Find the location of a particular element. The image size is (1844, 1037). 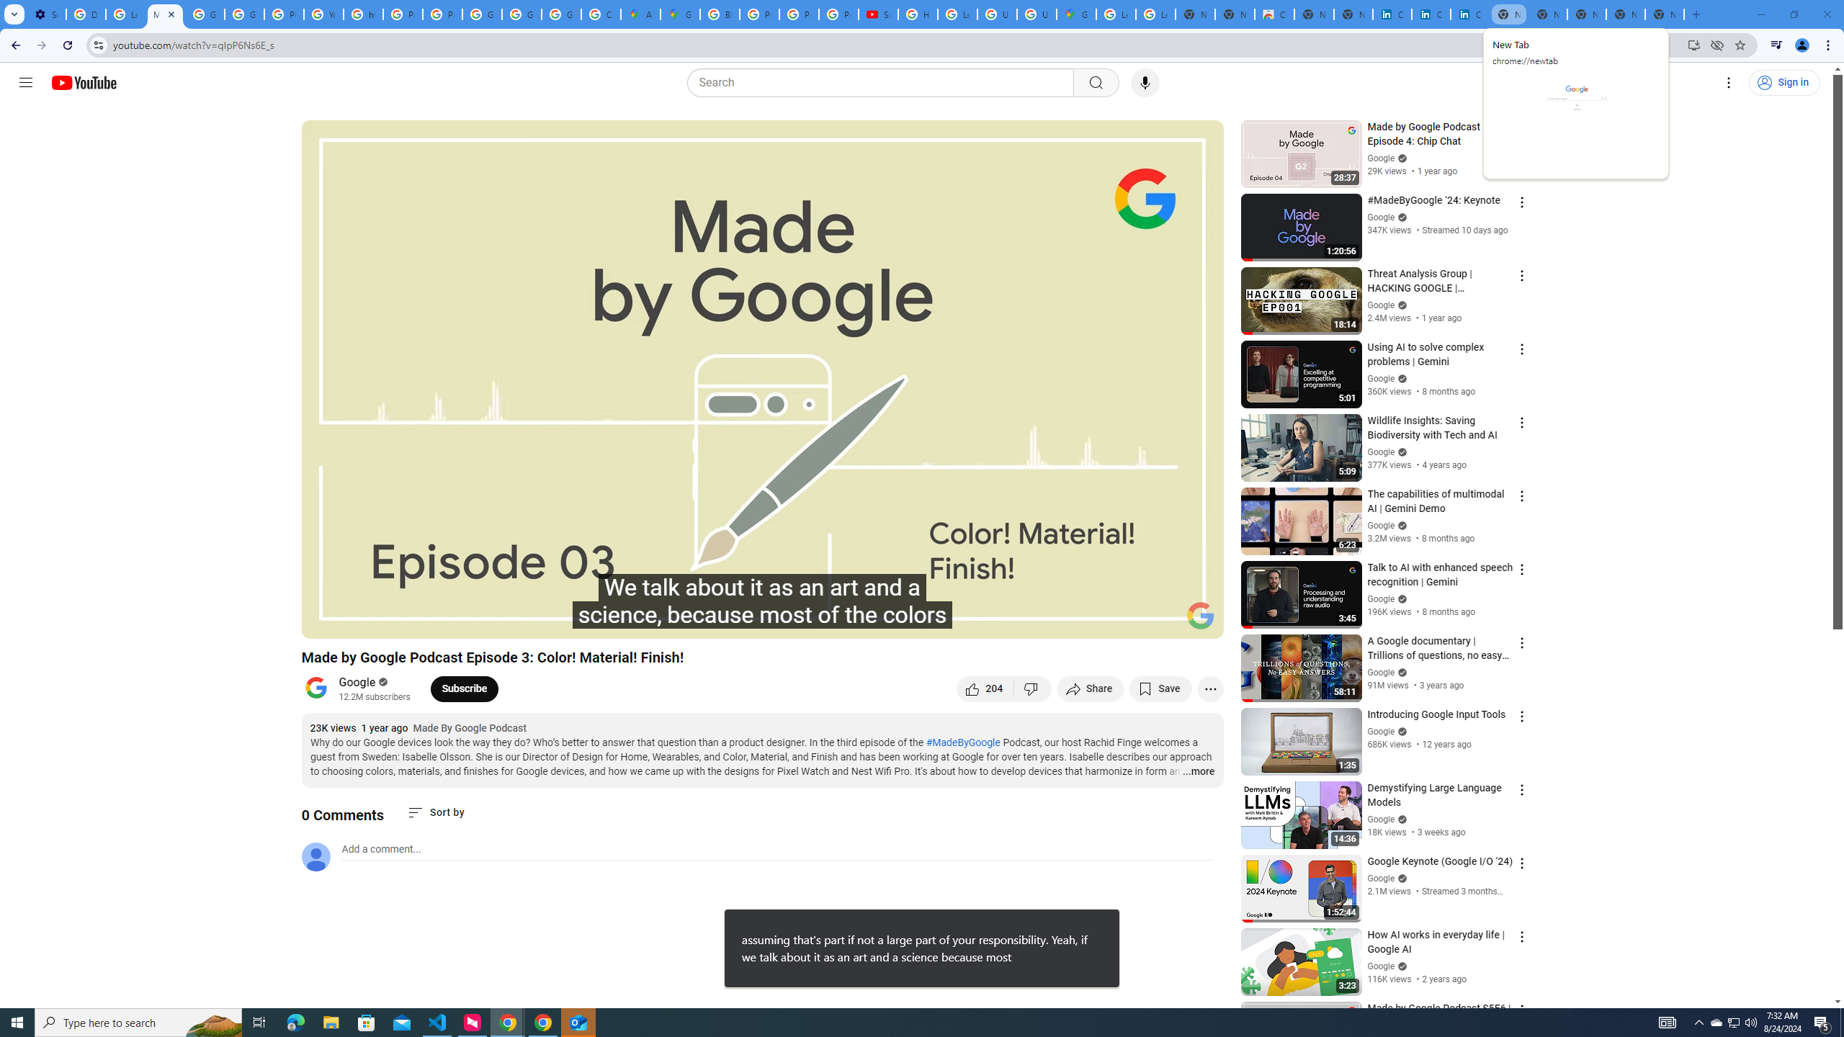

'Subtitles/closed captions unavailable' is located at coordinates (1058, 621).